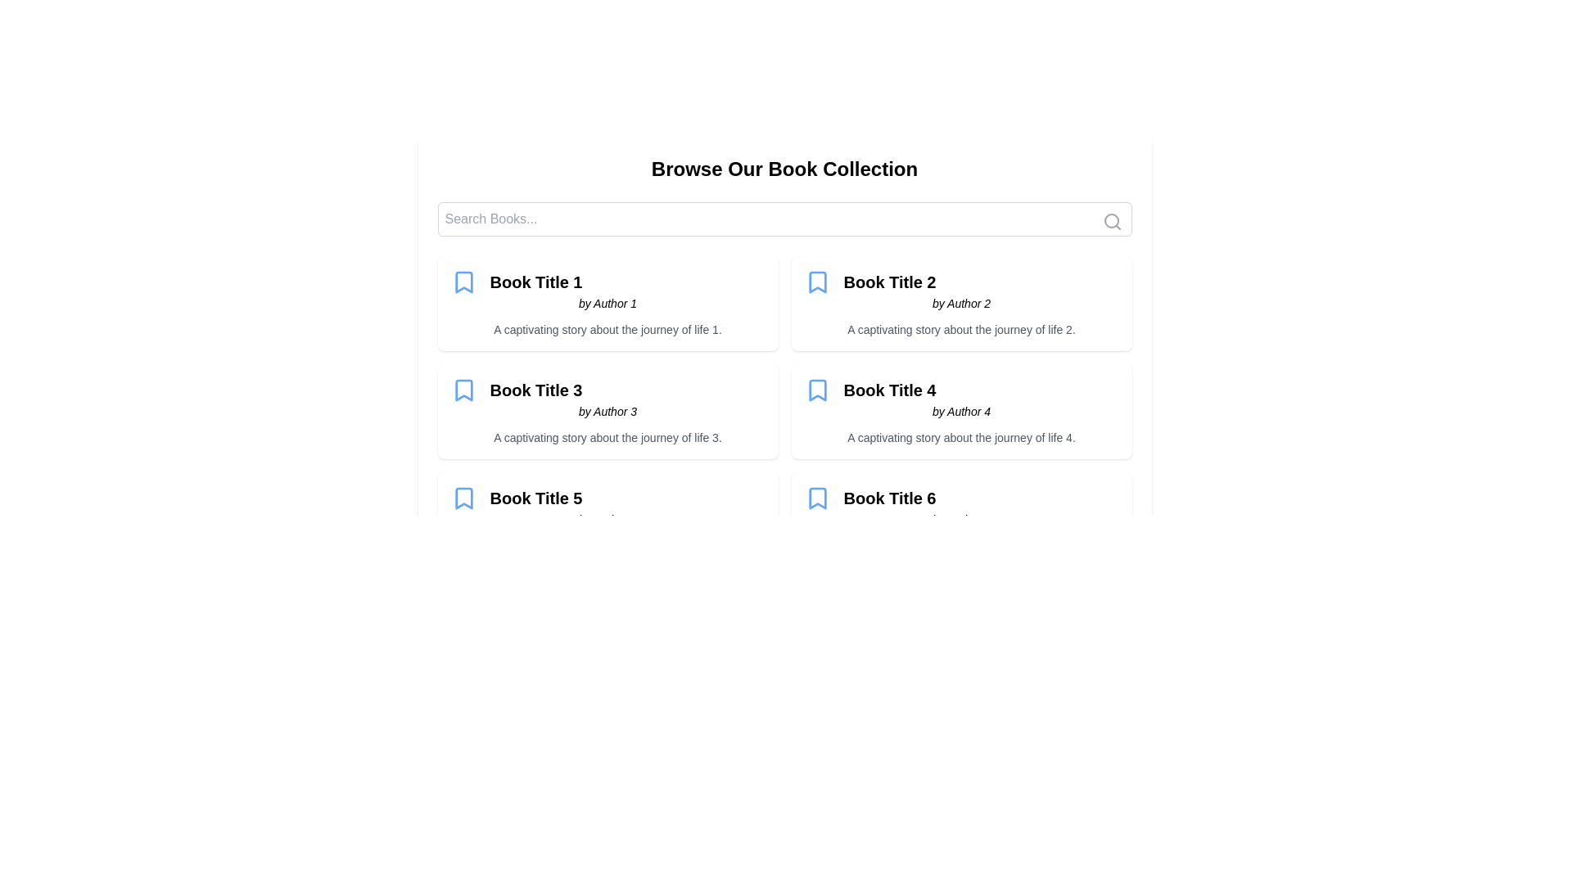 This screenshot has width=1572, height=884. Describe the element at coordinates (888, 498) in the screenshot. I see `title of the book entry, which is a bold text label located in the bottom-right section of the grid layout, specifically as the title of the sixth book` at that location.